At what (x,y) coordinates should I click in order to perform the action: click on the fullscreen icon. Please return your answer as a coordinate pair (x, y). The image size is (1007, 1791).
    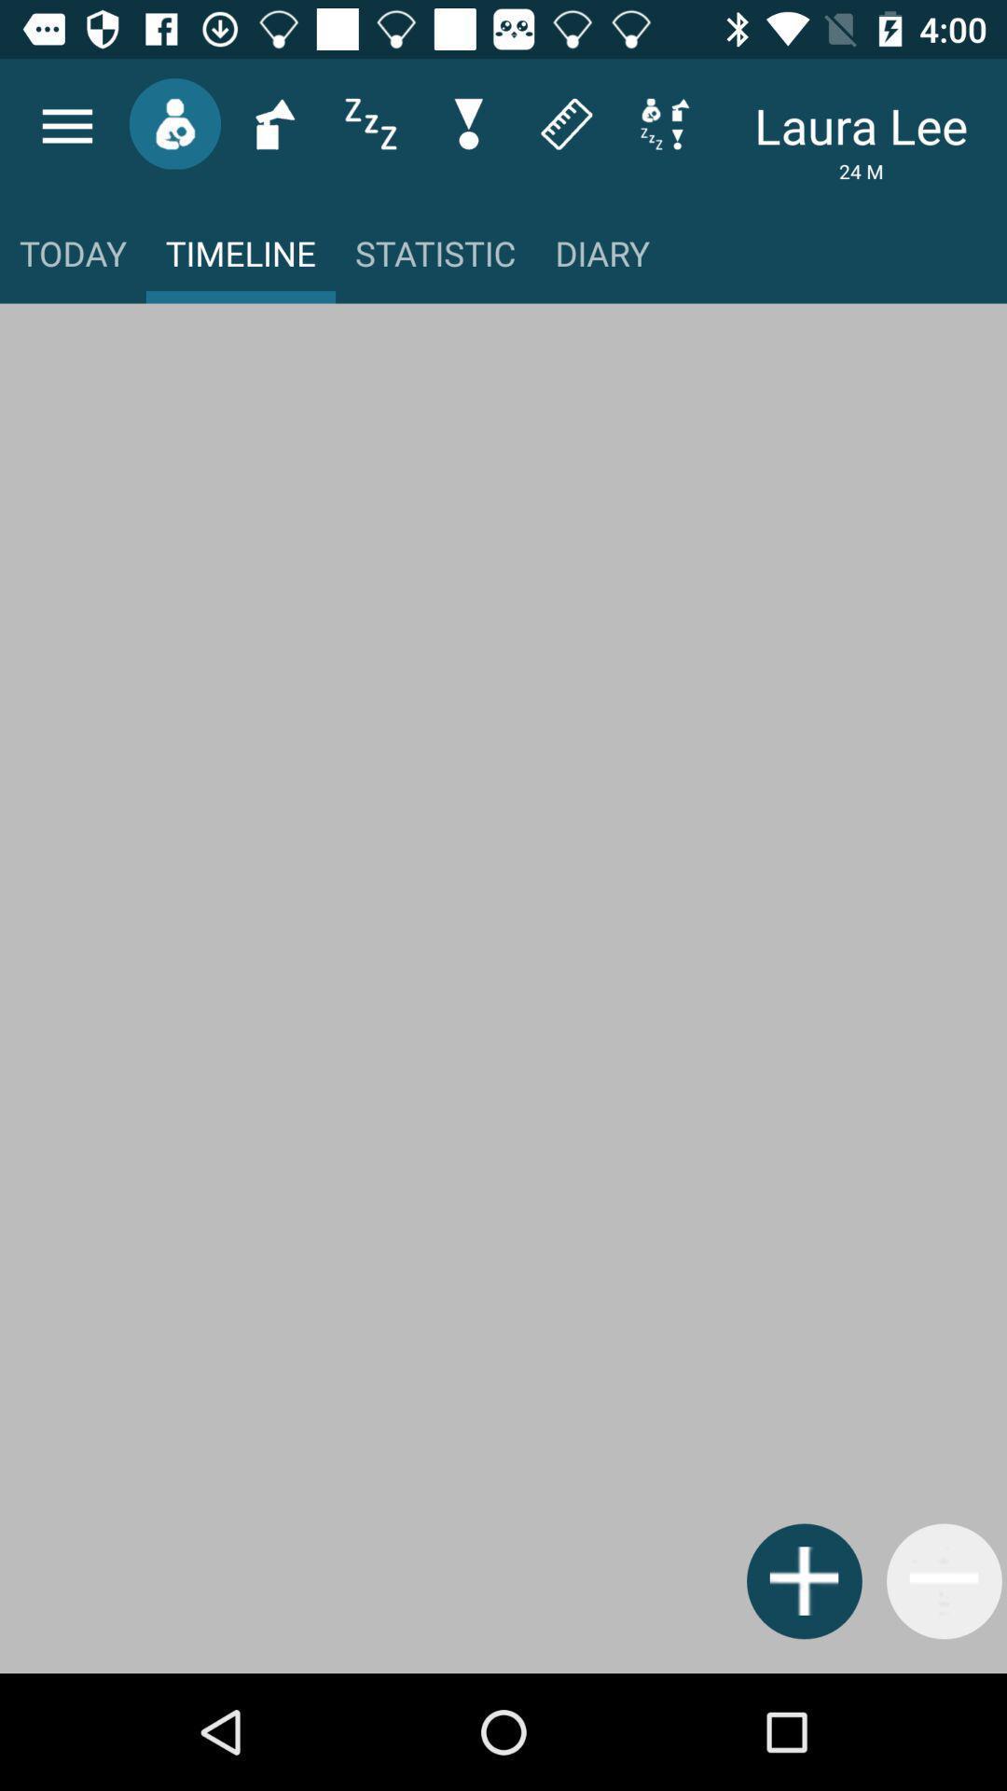
    Looking at the image, I should click on (663, 122).